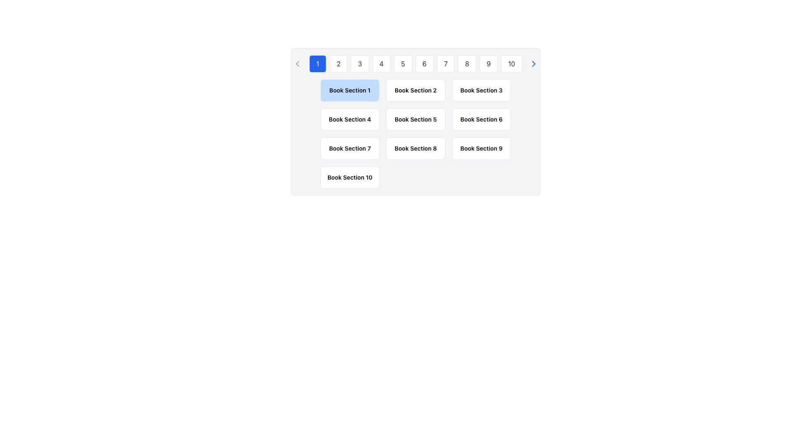  Describe the element at coordinates (350, 90) in the screenshot. I see `the text label indicating the title 'Book Section 1', which is positioned in the top-left area beneath the pagination buttons` at that location.